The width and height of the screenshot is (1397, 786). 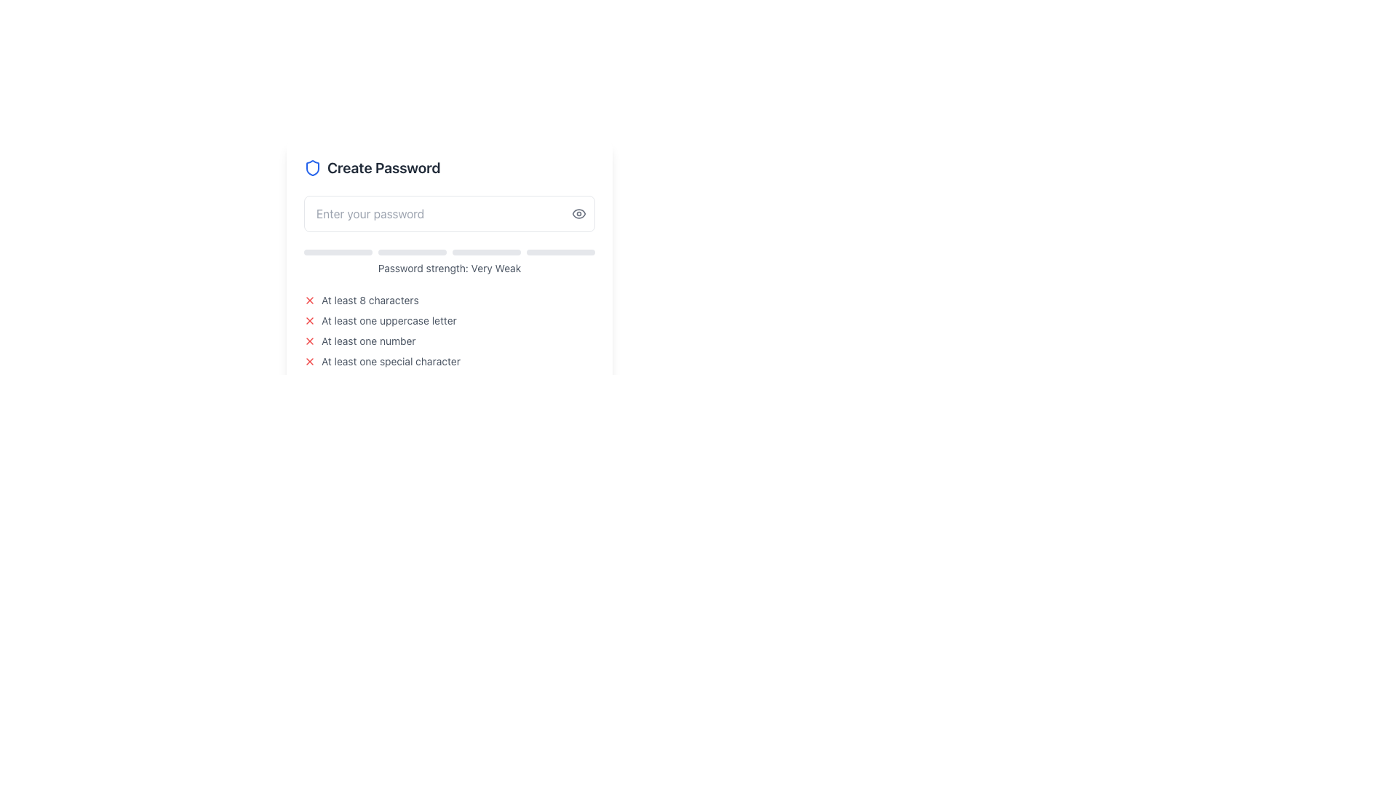 I want to click on the password requirement status icon that indicates 'At least one uppercase letter' is not met, represented by a red 'X' symbol, located to the left of the associated description text, so click(x=309, y=319).